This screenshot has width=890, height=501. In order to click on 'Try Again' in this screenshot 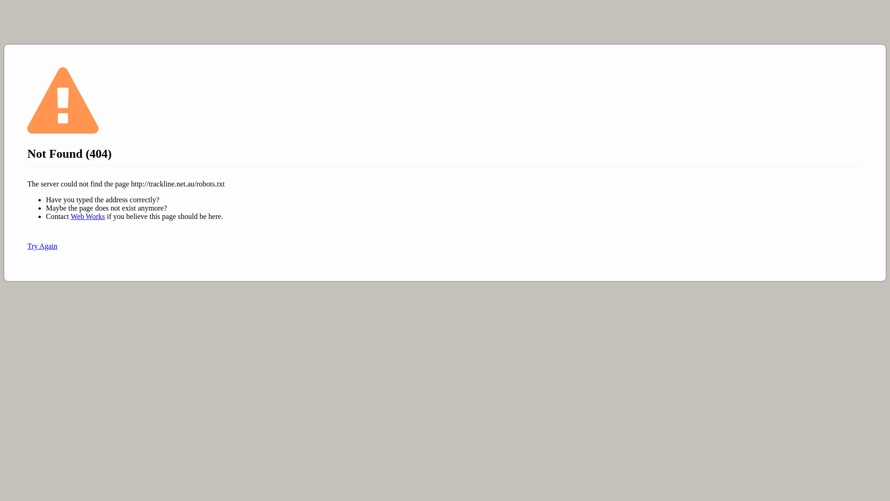, I will do `click(42, 245)`.